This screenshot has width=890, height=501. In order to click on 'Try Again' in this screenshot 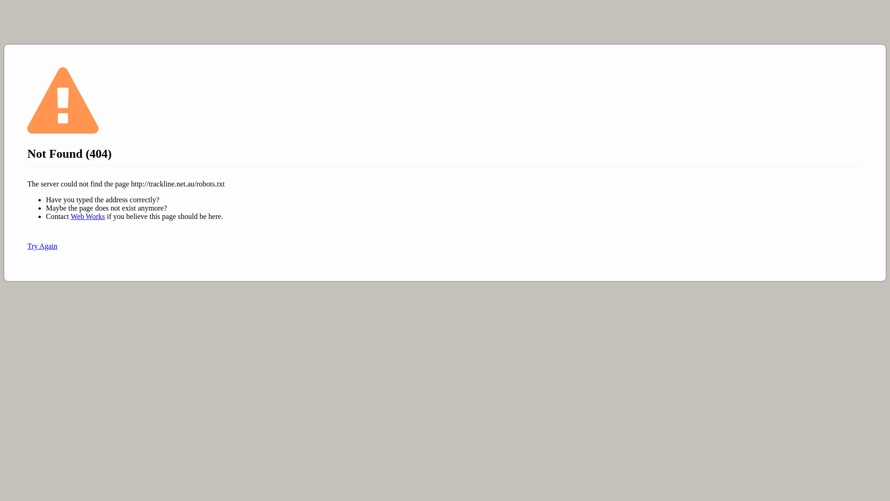, I will do `click(42, 245)`.